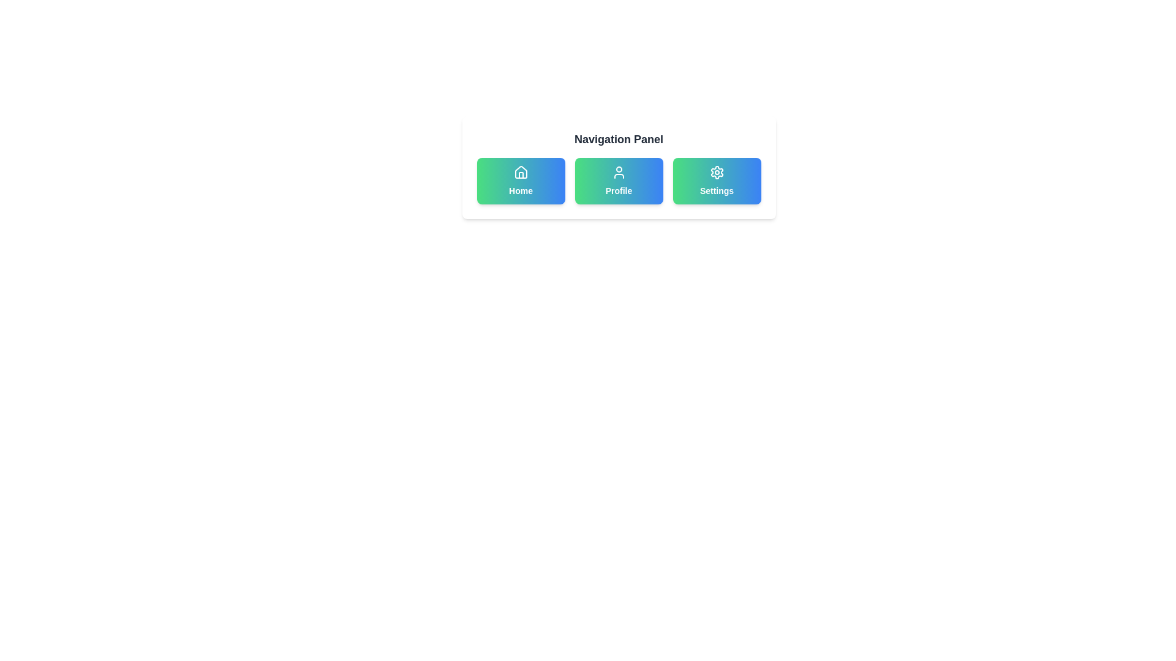 This screenshot has height=661, width=1176. Describe the element at coordinates (521, 191) in the screenshot. I see `the 'Home' static text label, which is a small, bold white font within a blue-to-green gradient rectangle, located in the navigation panel as the first item on the left` at that location.